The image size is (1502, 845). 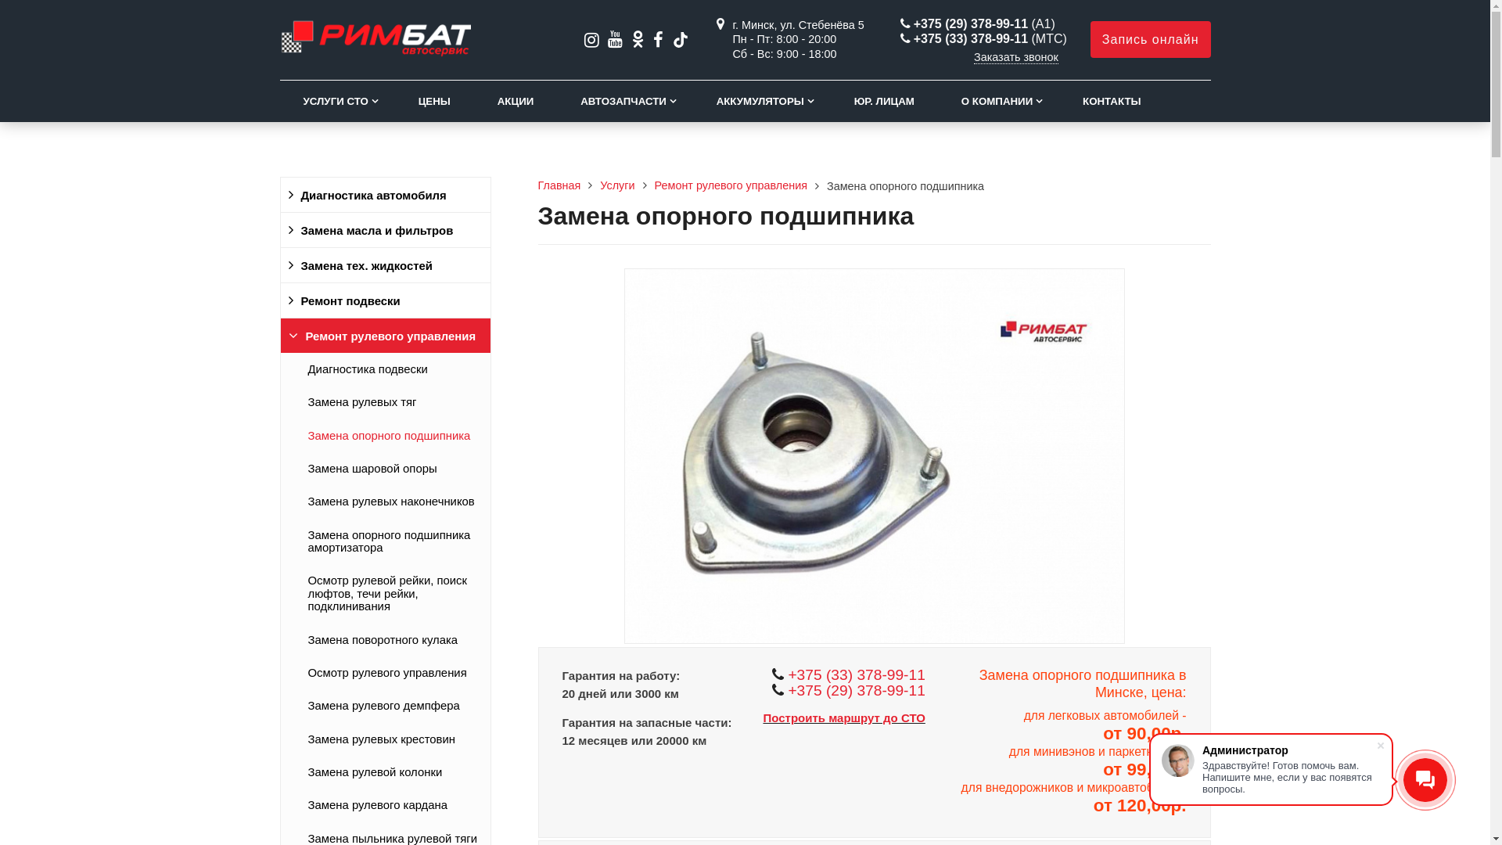 What do you see at coordinates (970, 38) in the screenshot?
I see `'+375 (33) 378-99-11'` at bounding box center [970, 38].